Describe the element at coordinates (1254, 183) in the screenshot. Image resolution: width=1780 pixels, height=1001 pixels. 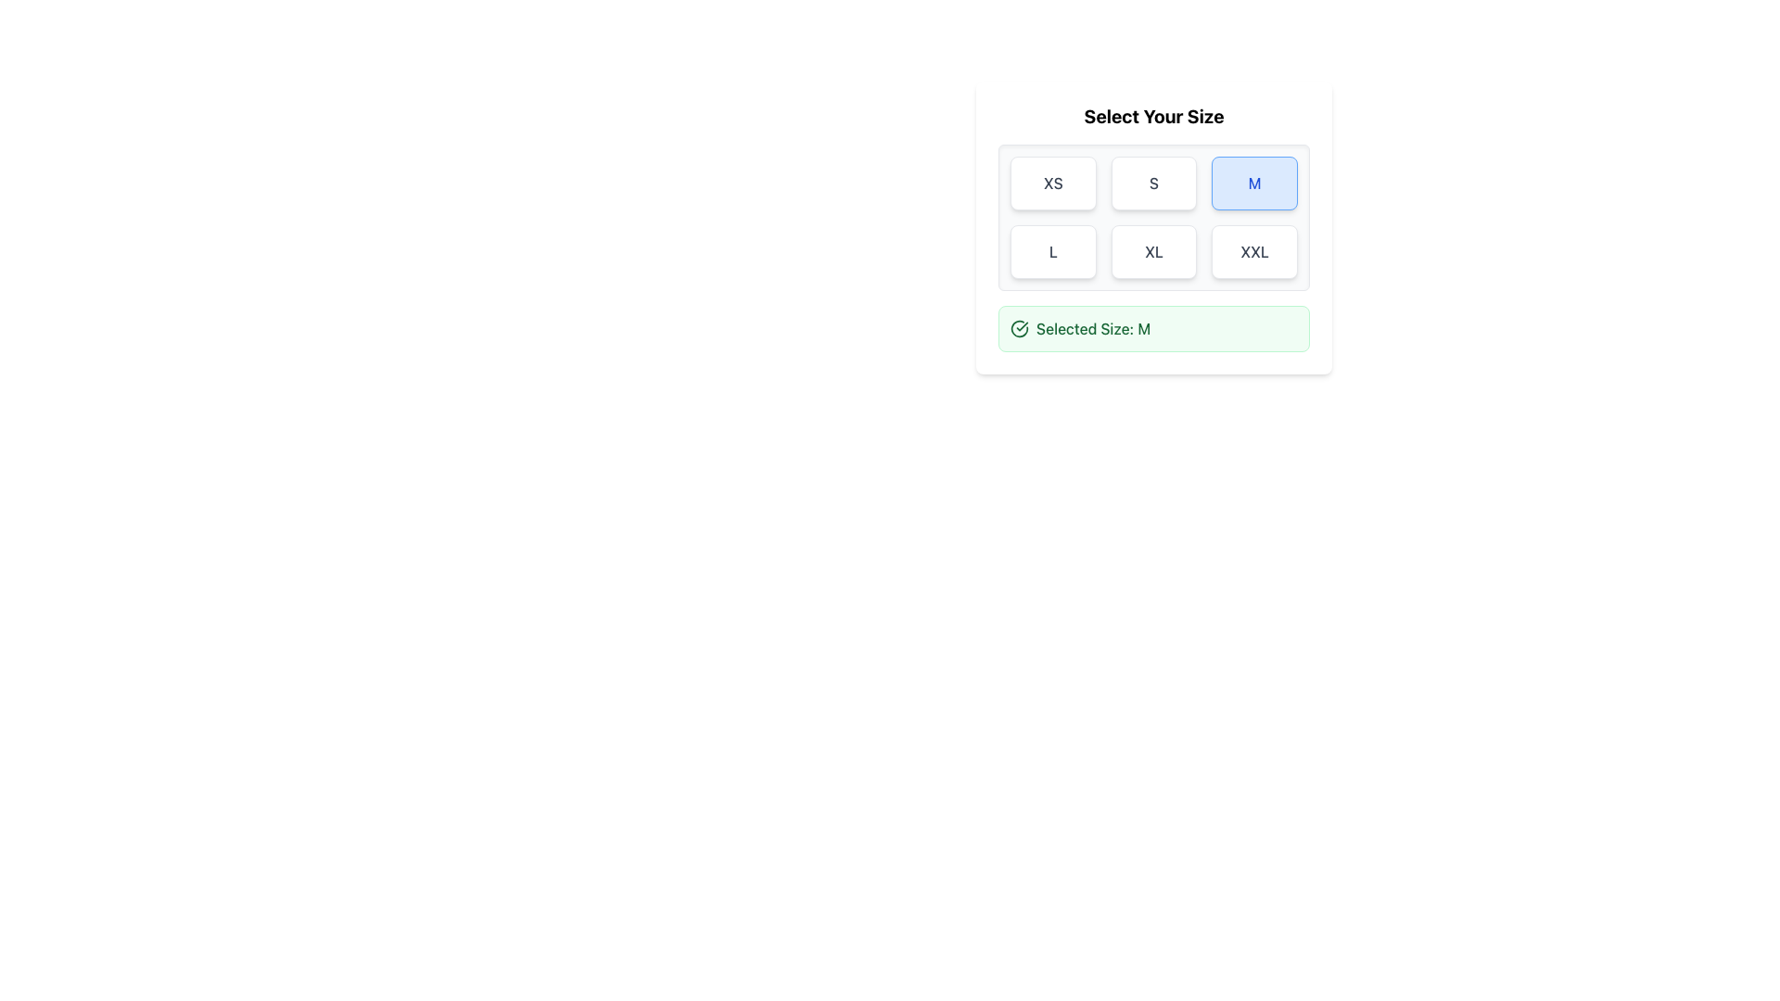
I see `the selectable size option for 'M'` at that location.